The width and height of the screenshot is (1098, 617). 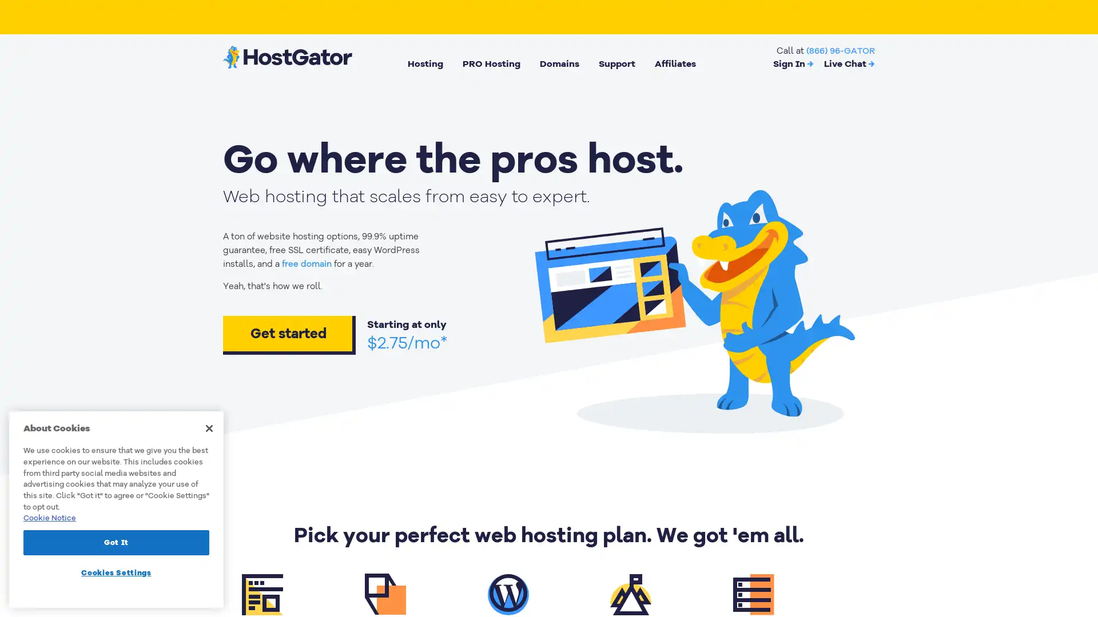 What do you see at coordinates (307, 264) in the screenshot?
I see `free domain` at bounding box center [307, 264].